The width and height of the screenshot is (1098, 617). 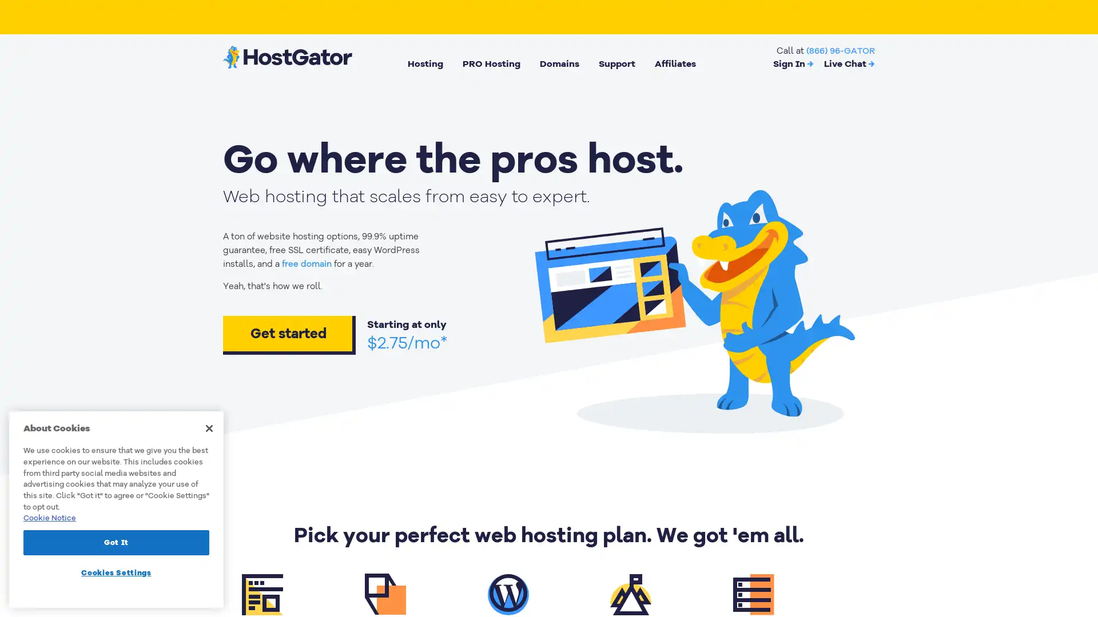 What do you see at coordinates (307, 264) in the screenshot?
I see `free domain` at bounding box center [307, 264].